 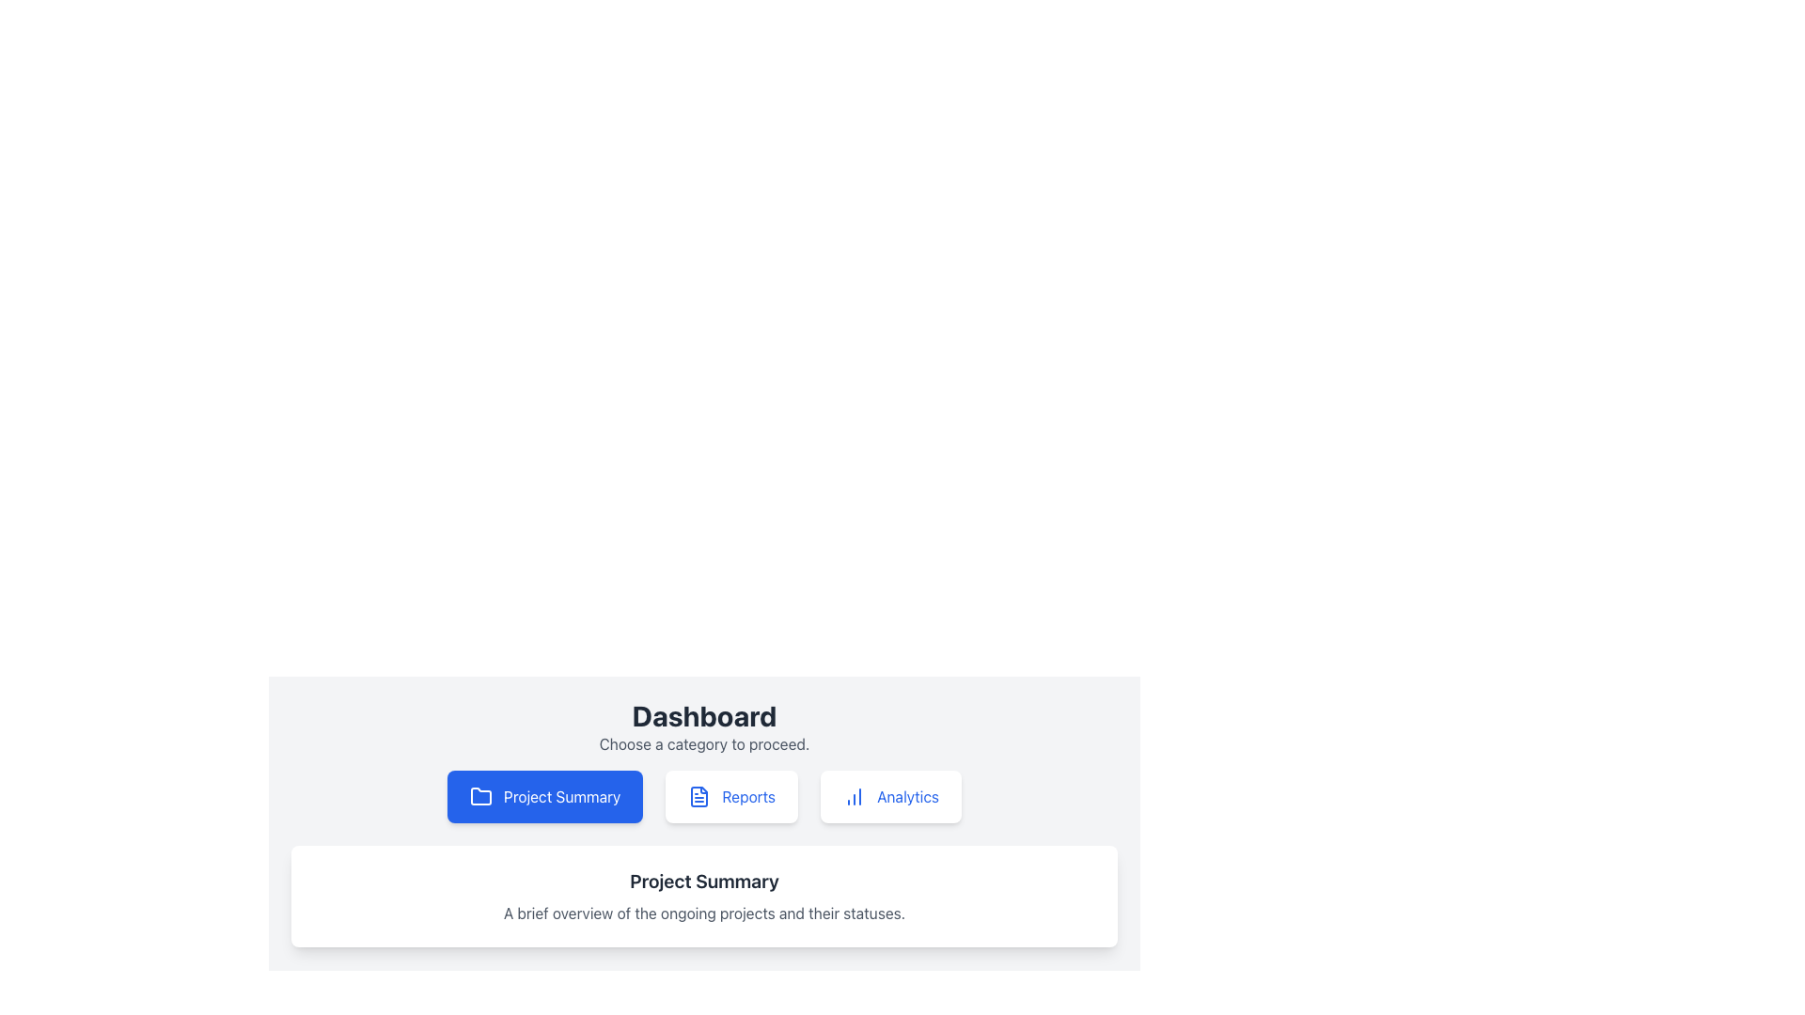 I want to click on the blue rounded rectangle button labeled 'Project Summary', so click(x=544, y=797).